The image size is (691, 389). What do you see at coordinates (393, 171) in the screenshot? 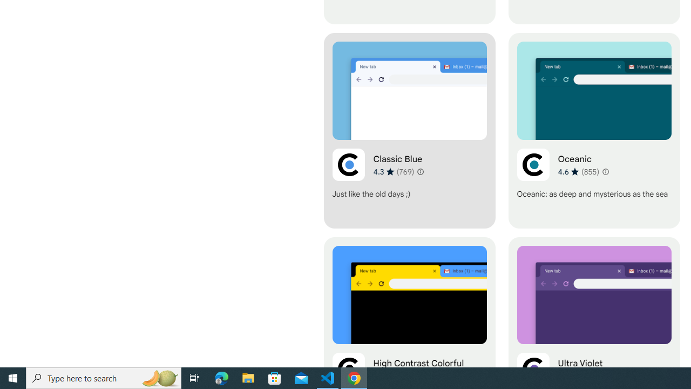
I see `'Average rating 4.3 out of 5 stars. 769 ratings.'` at bounding box center [393, 171].